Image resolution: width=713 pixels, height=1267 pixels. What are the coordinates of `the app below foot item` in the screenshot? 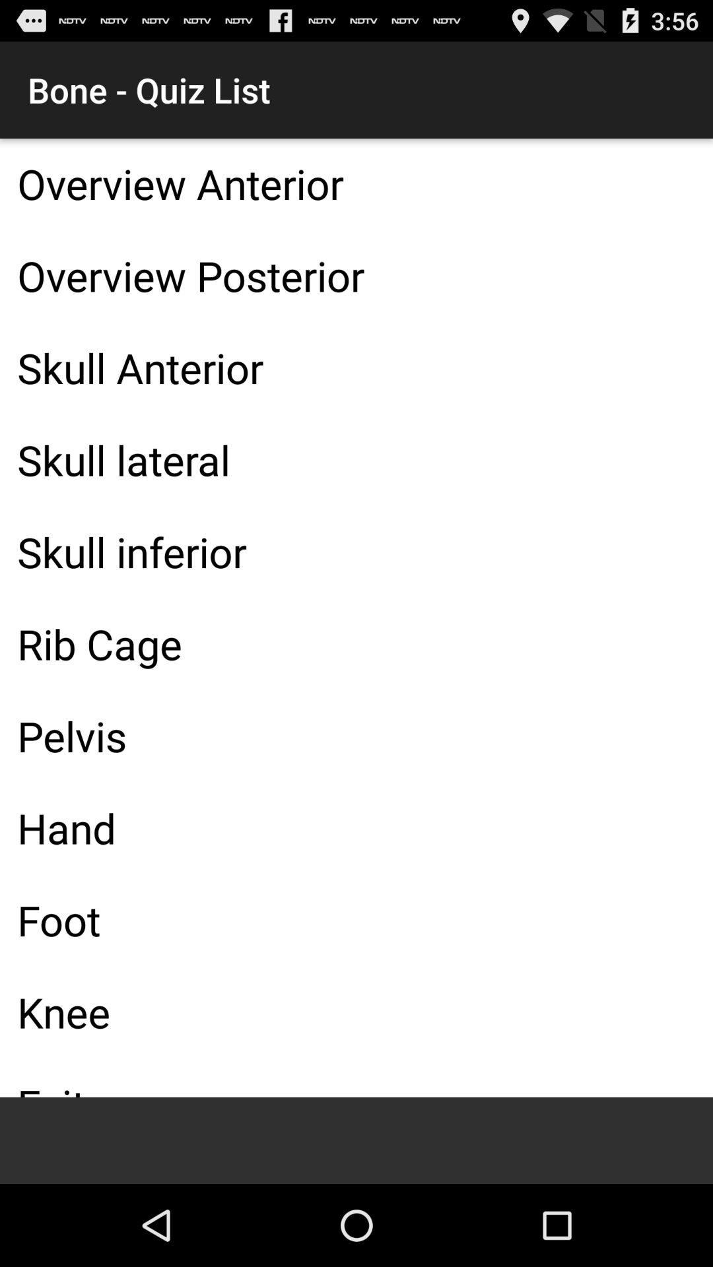 It's located at (356, 1011).